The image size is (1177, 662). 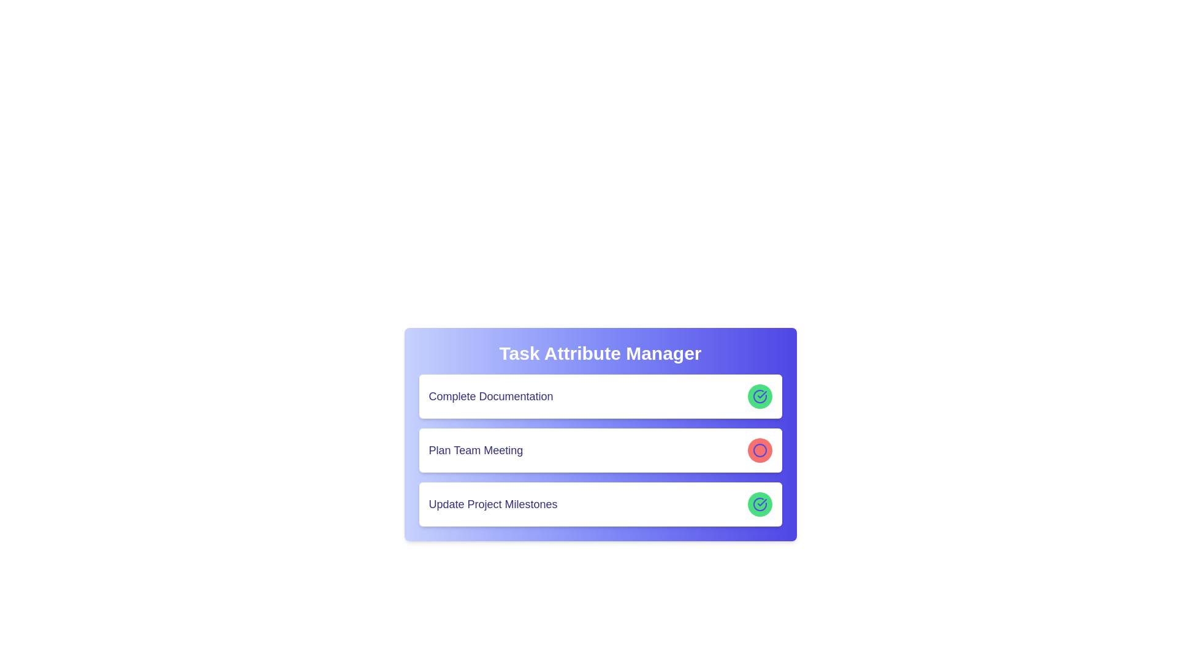 I want to click on the circular button with a light red background and indigo outer border, located in the rightmost third of the 'Plan Team Meeting' card, so click(x=759, y=451).